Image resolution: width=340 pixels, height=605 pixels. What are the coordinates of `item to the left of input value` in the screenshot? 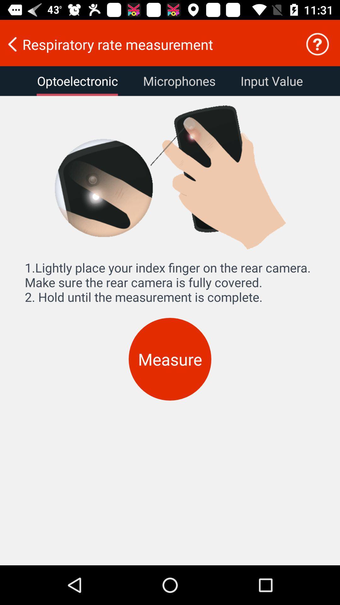 It's located at (179, 81).